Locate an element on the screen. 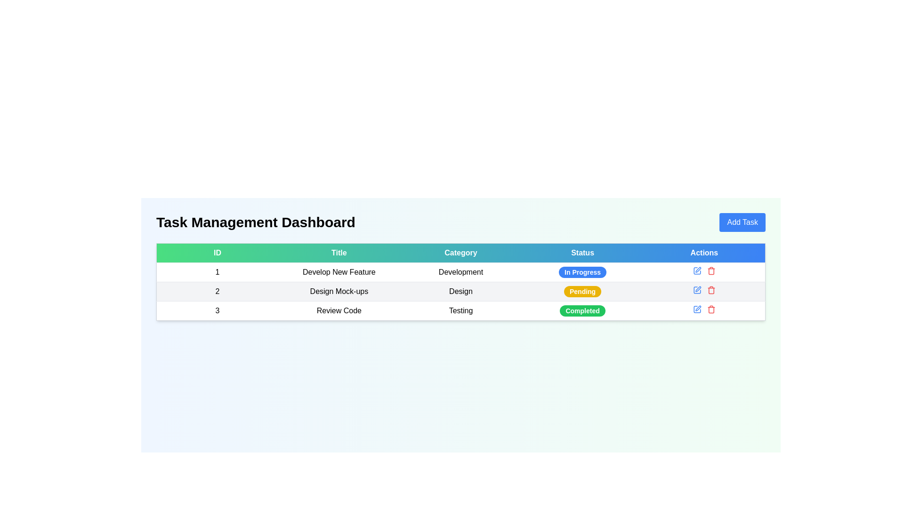 This screenshot has width=904, height=508. the header row of the Task Management Dashboard table to sort the columns is located at coordinates (461, 252).